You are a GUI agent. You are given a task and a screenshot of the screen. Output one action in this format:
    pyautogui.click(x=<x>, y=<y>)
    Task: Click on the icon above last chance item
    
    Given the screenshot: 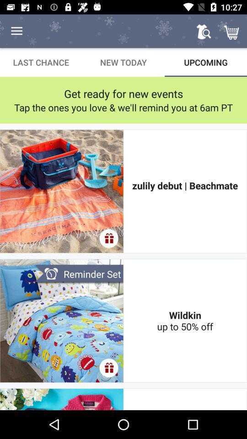 What is the action you would take?
    pyautogui.click(x=16, y=31)
    